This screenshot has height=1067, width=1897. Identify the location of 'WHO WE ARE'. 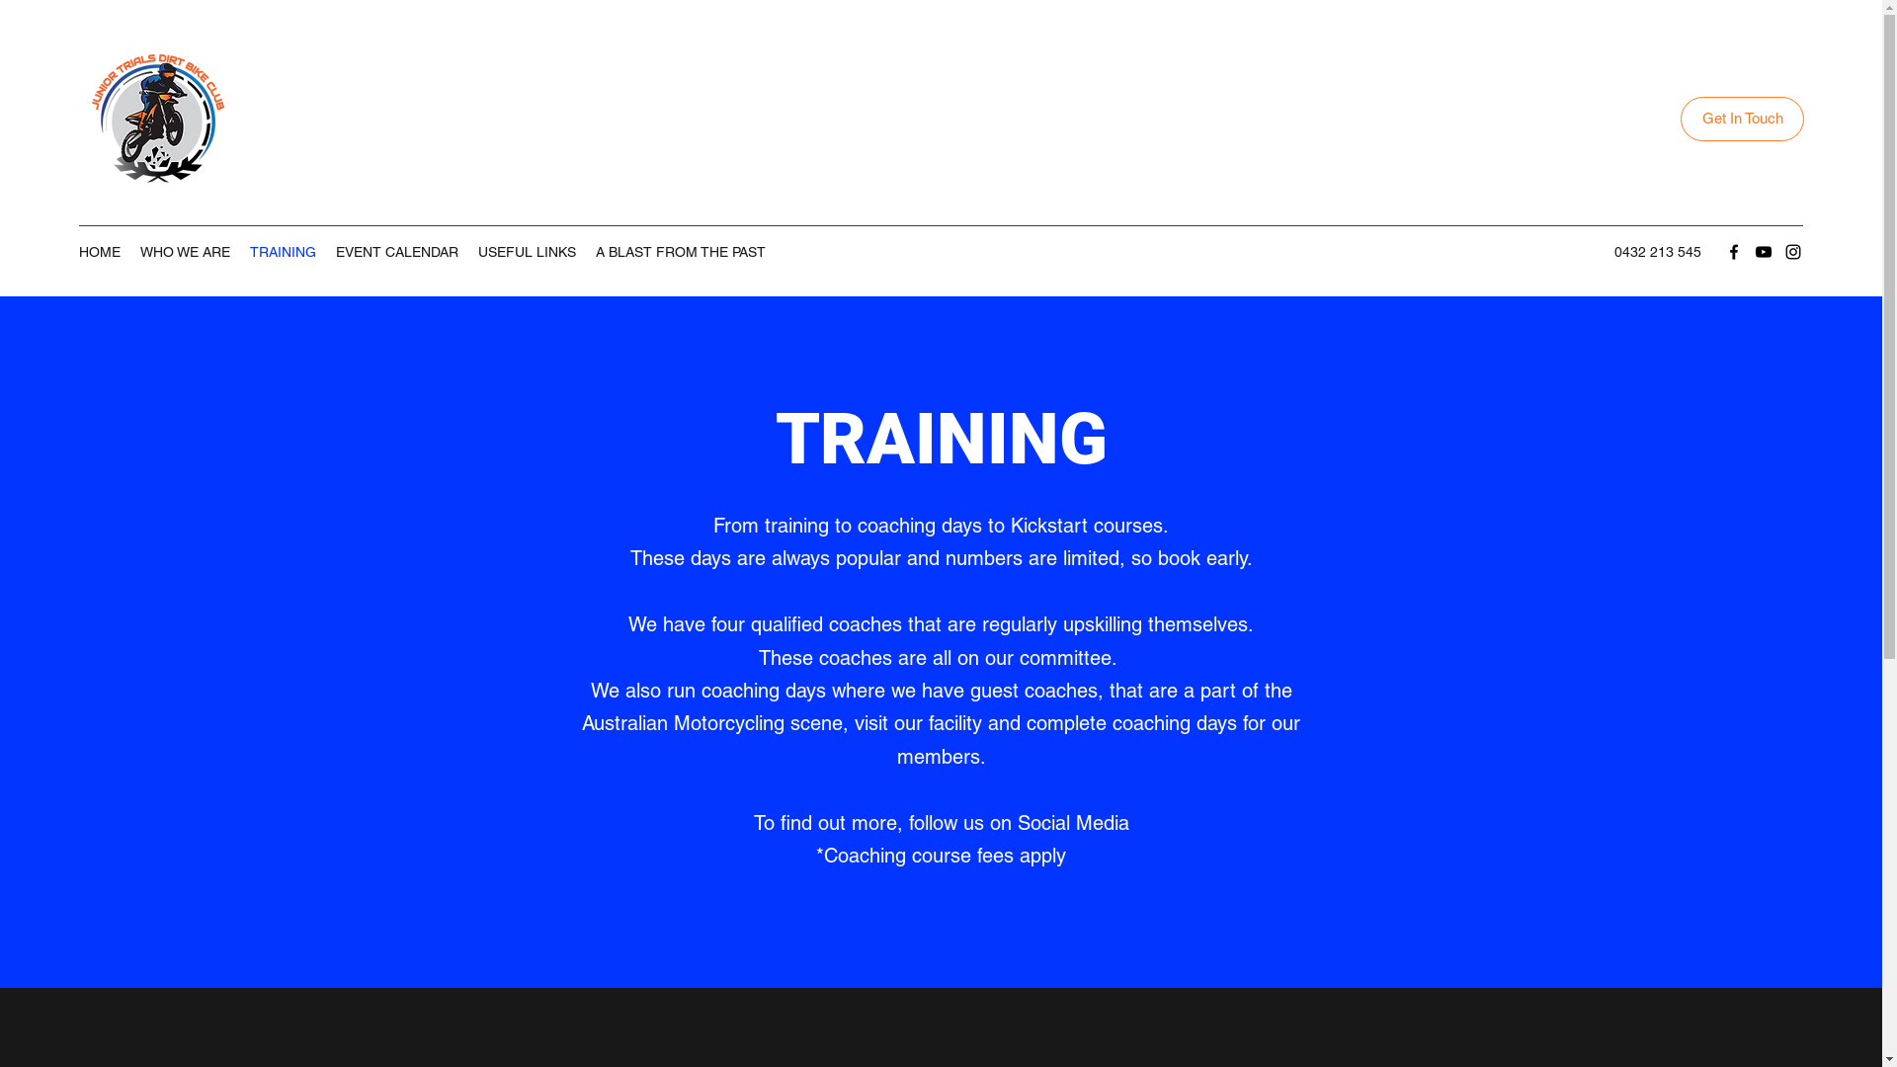
(185, 250).